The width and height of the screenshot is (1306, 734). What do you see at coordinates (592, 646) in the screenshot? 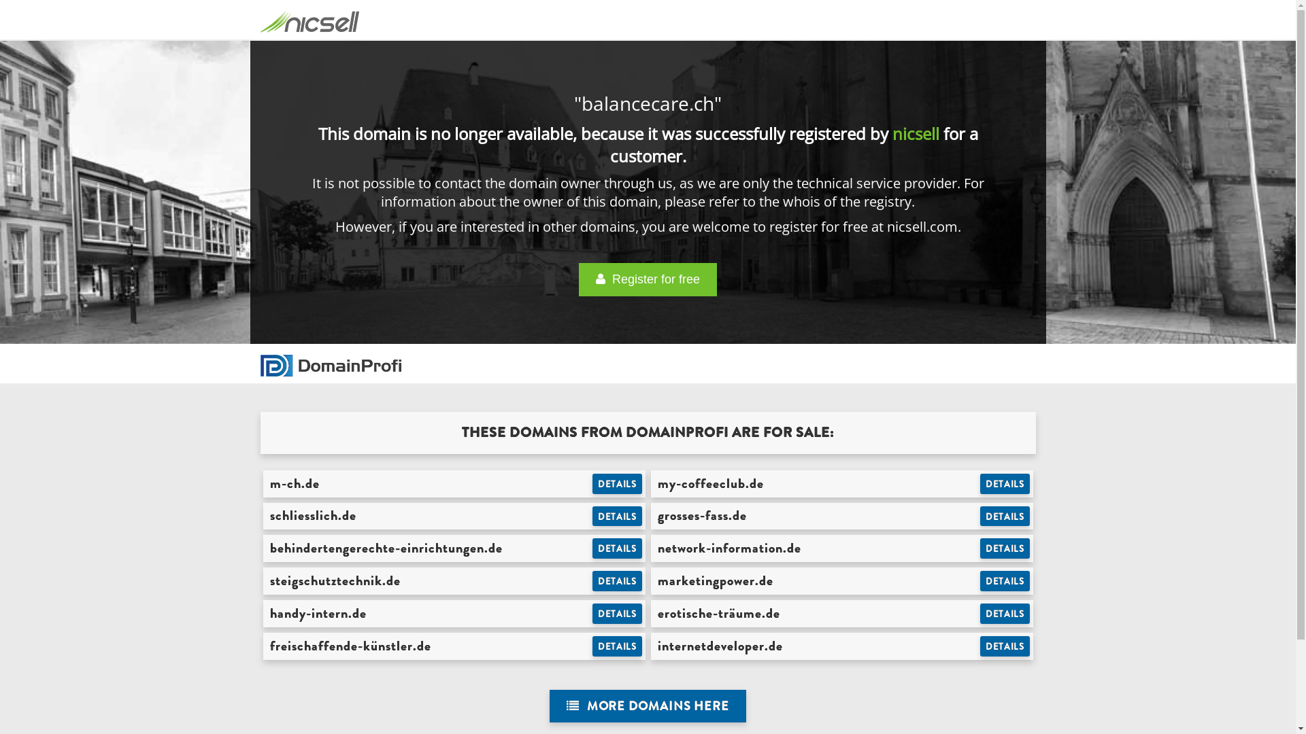
I see `'DETAILS'` at bounding box center [592, 646].